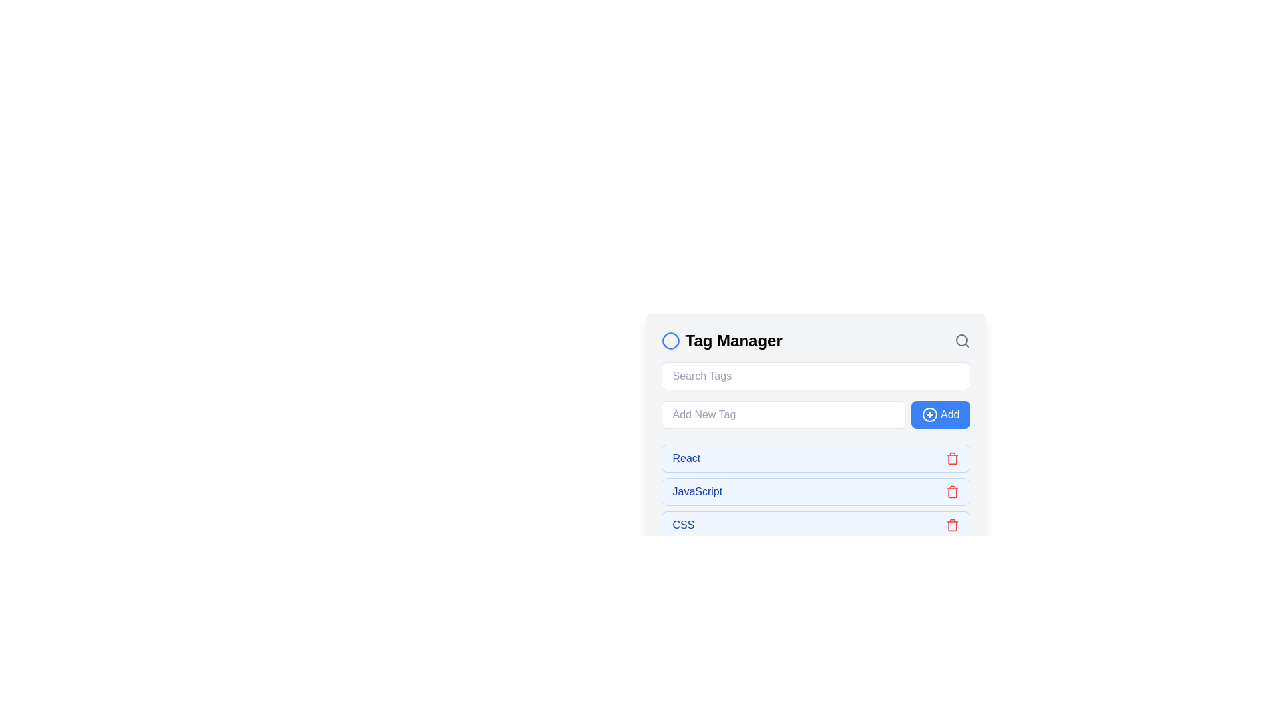  I want to click on the delete button located at the far right of the 'JavaScript' list item, so click(951, 492).